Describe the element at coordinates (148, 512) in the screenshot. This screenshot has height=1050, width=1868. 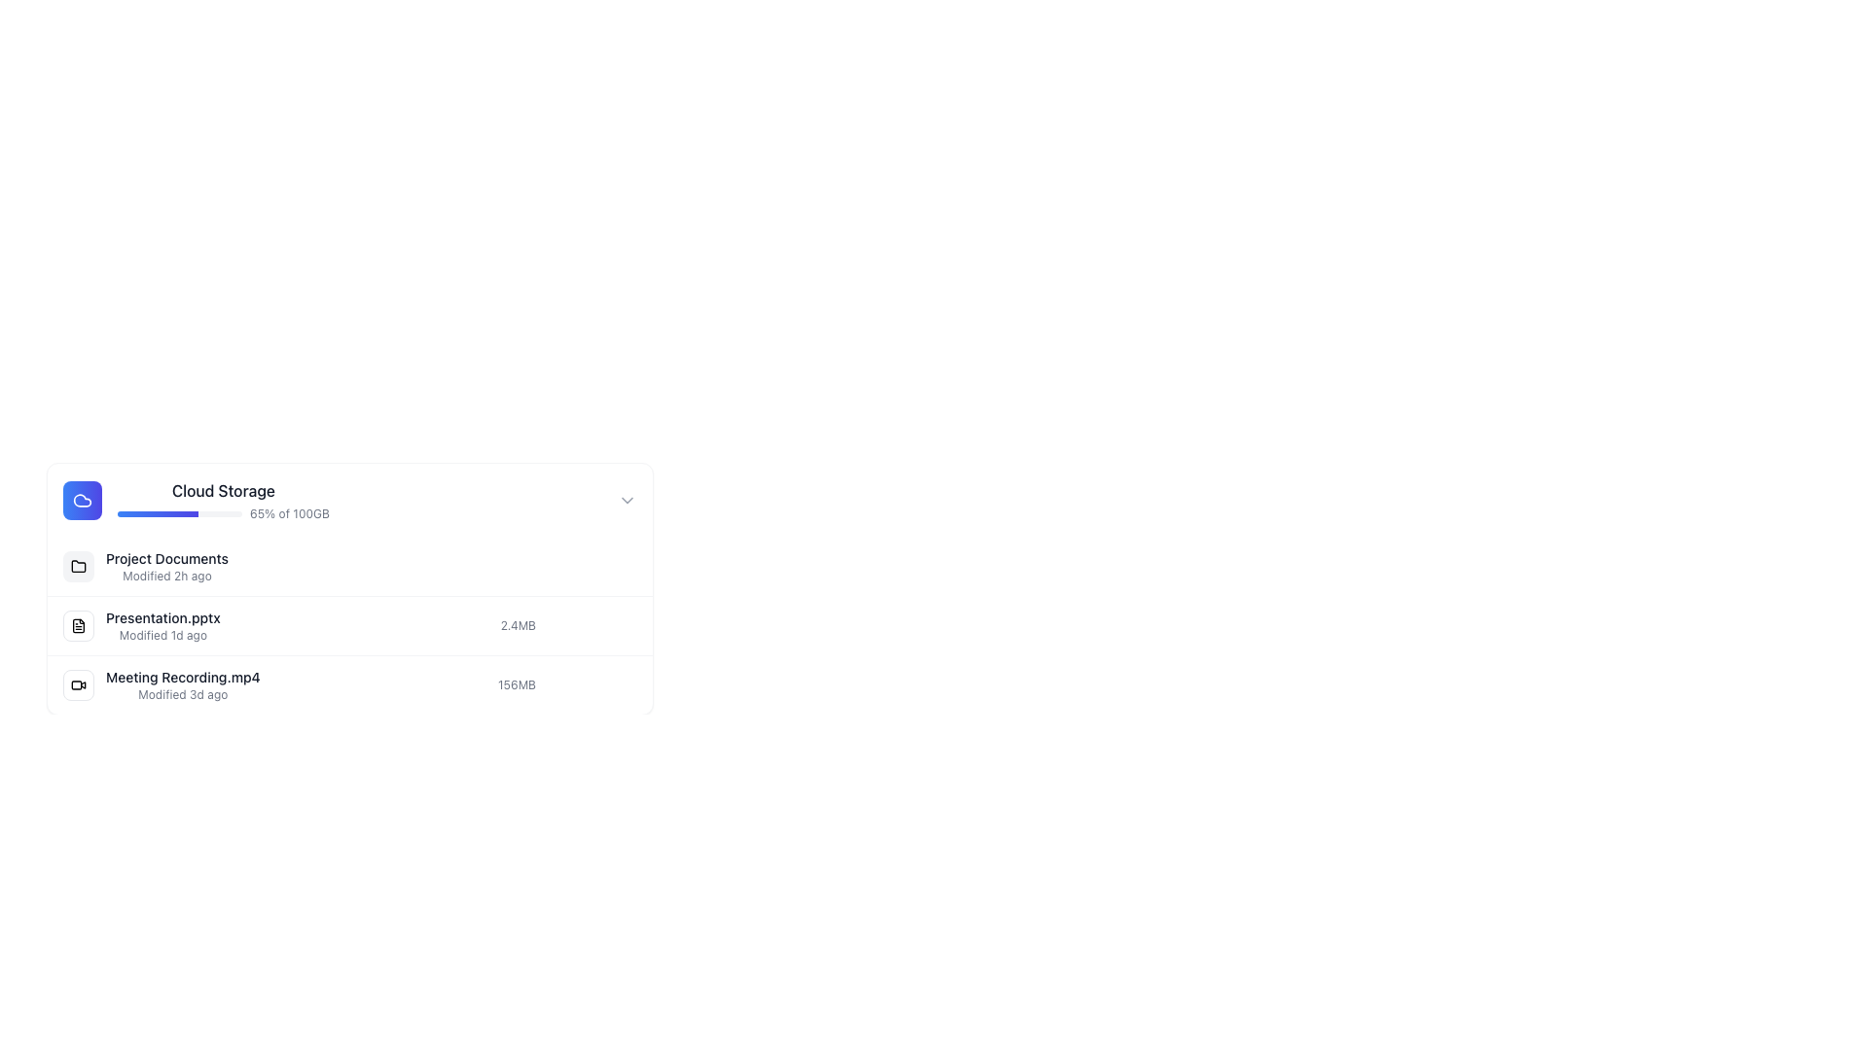
I see `the storage progress bar` at that location.